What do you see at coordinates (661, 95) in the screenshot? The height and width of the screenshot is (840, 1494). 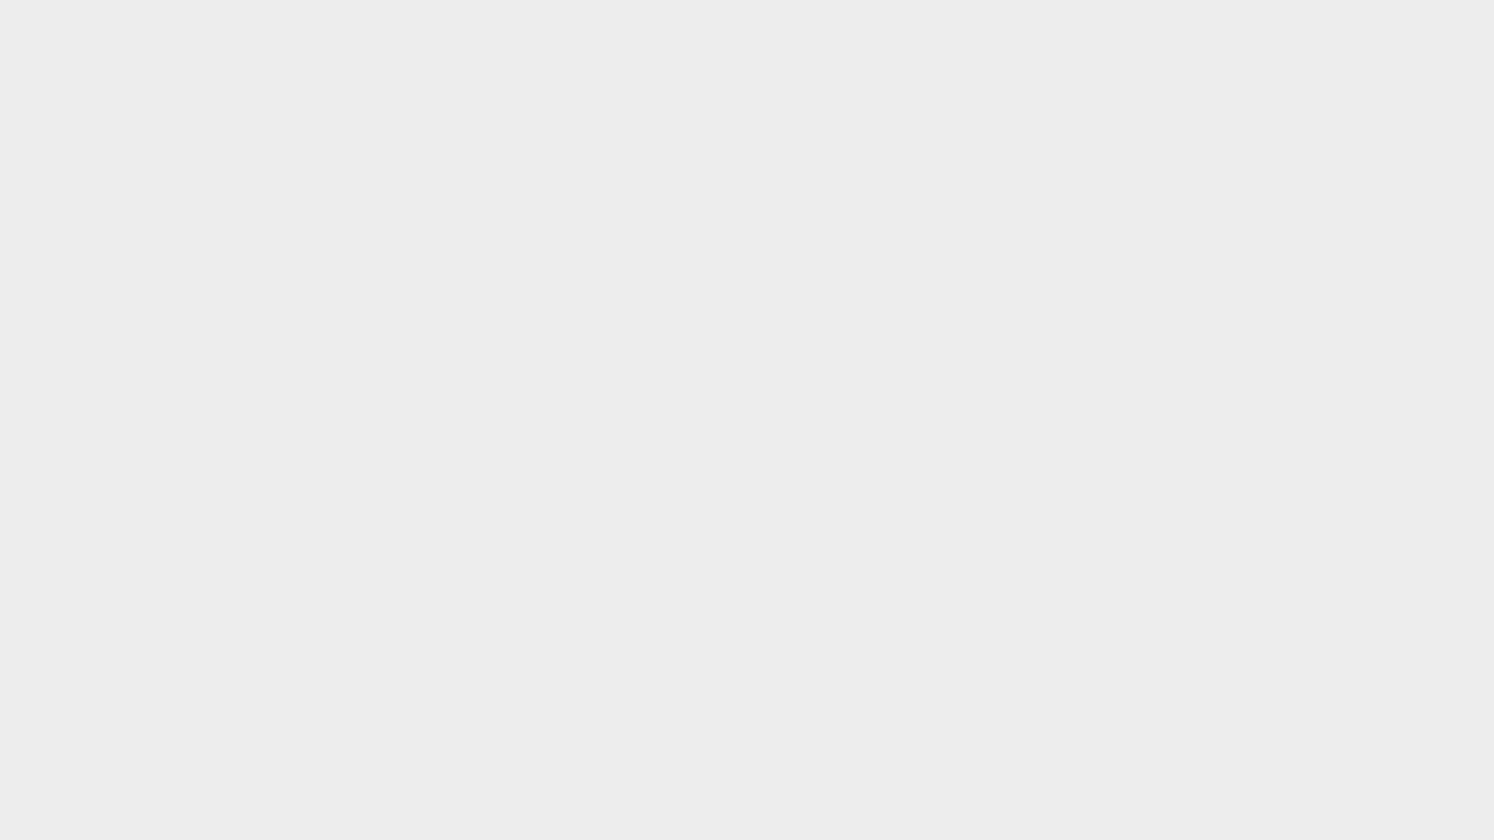 I see `'Visit'` at bounding box center [661, 95].